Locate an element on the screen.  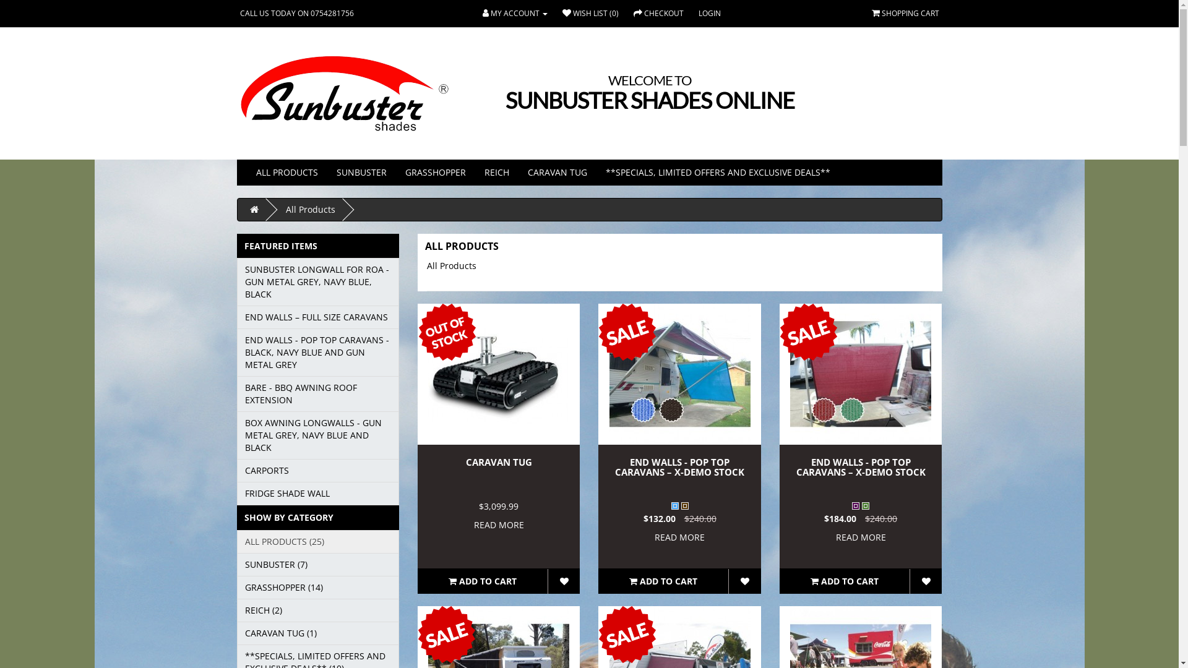
'WISH LIST (0)' is located at coordinates (590, 13).